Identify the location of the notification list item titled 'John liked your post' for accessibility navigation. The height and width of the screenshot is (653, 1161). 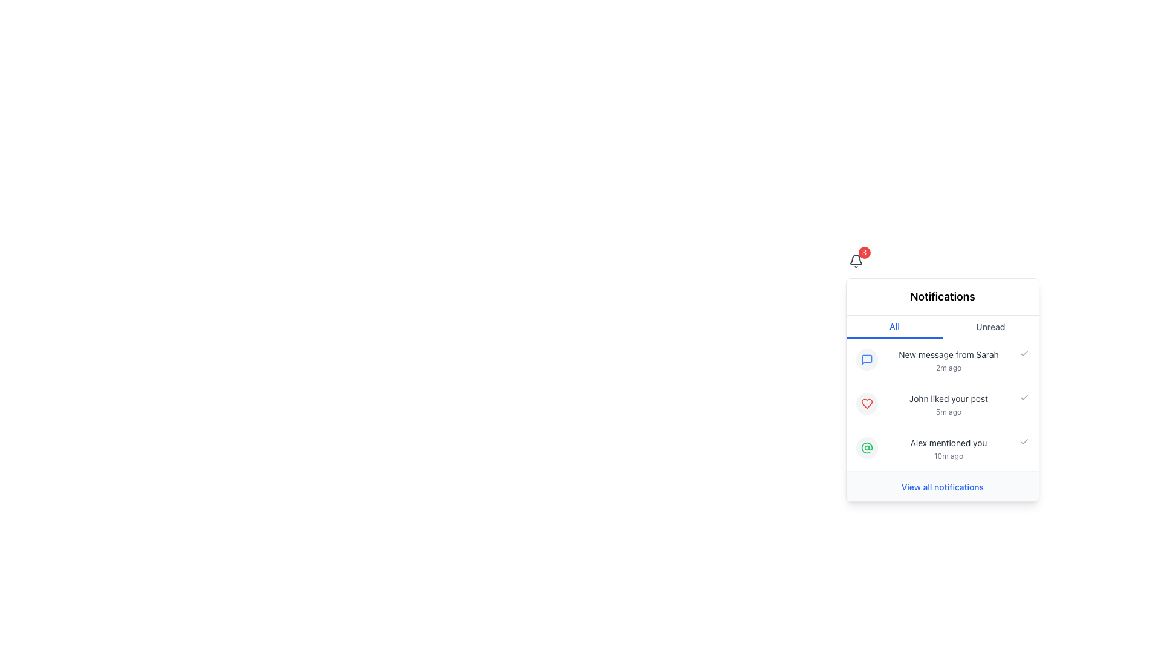
(942, 389).